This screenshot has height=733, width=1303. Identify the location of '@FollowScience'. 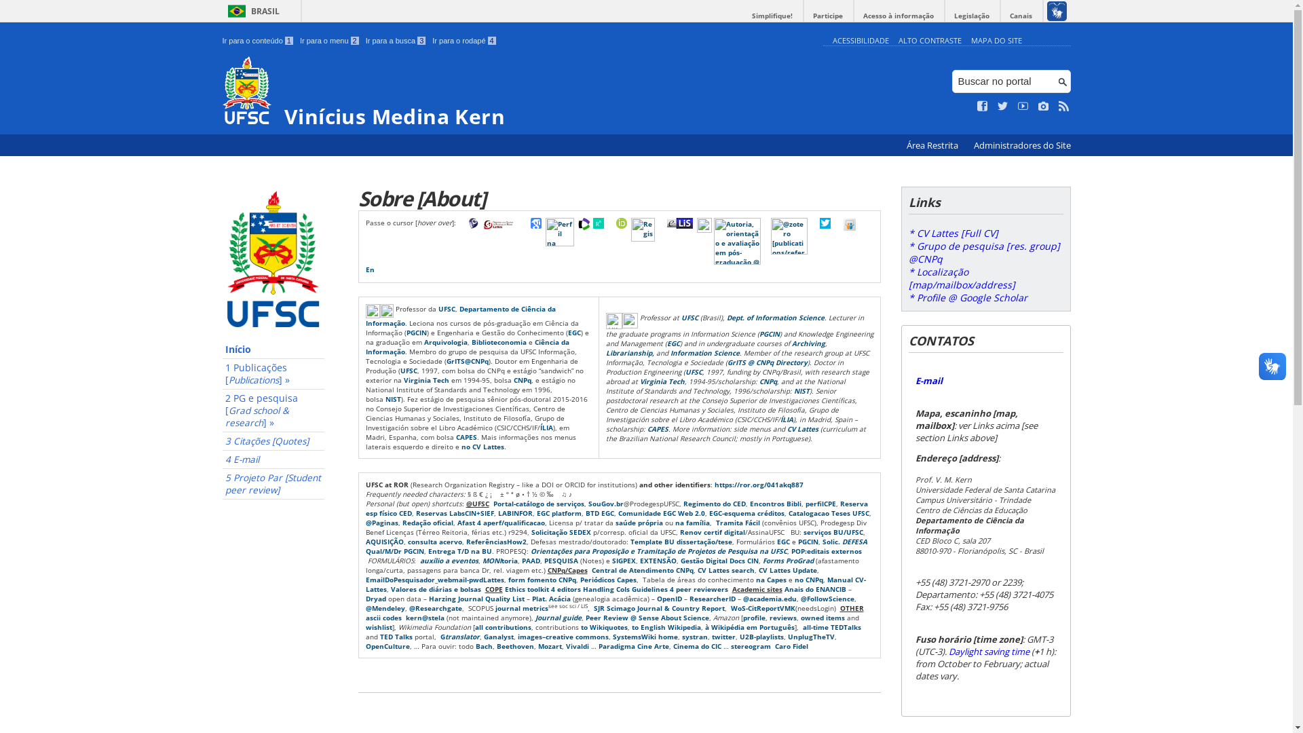
(827, 598).